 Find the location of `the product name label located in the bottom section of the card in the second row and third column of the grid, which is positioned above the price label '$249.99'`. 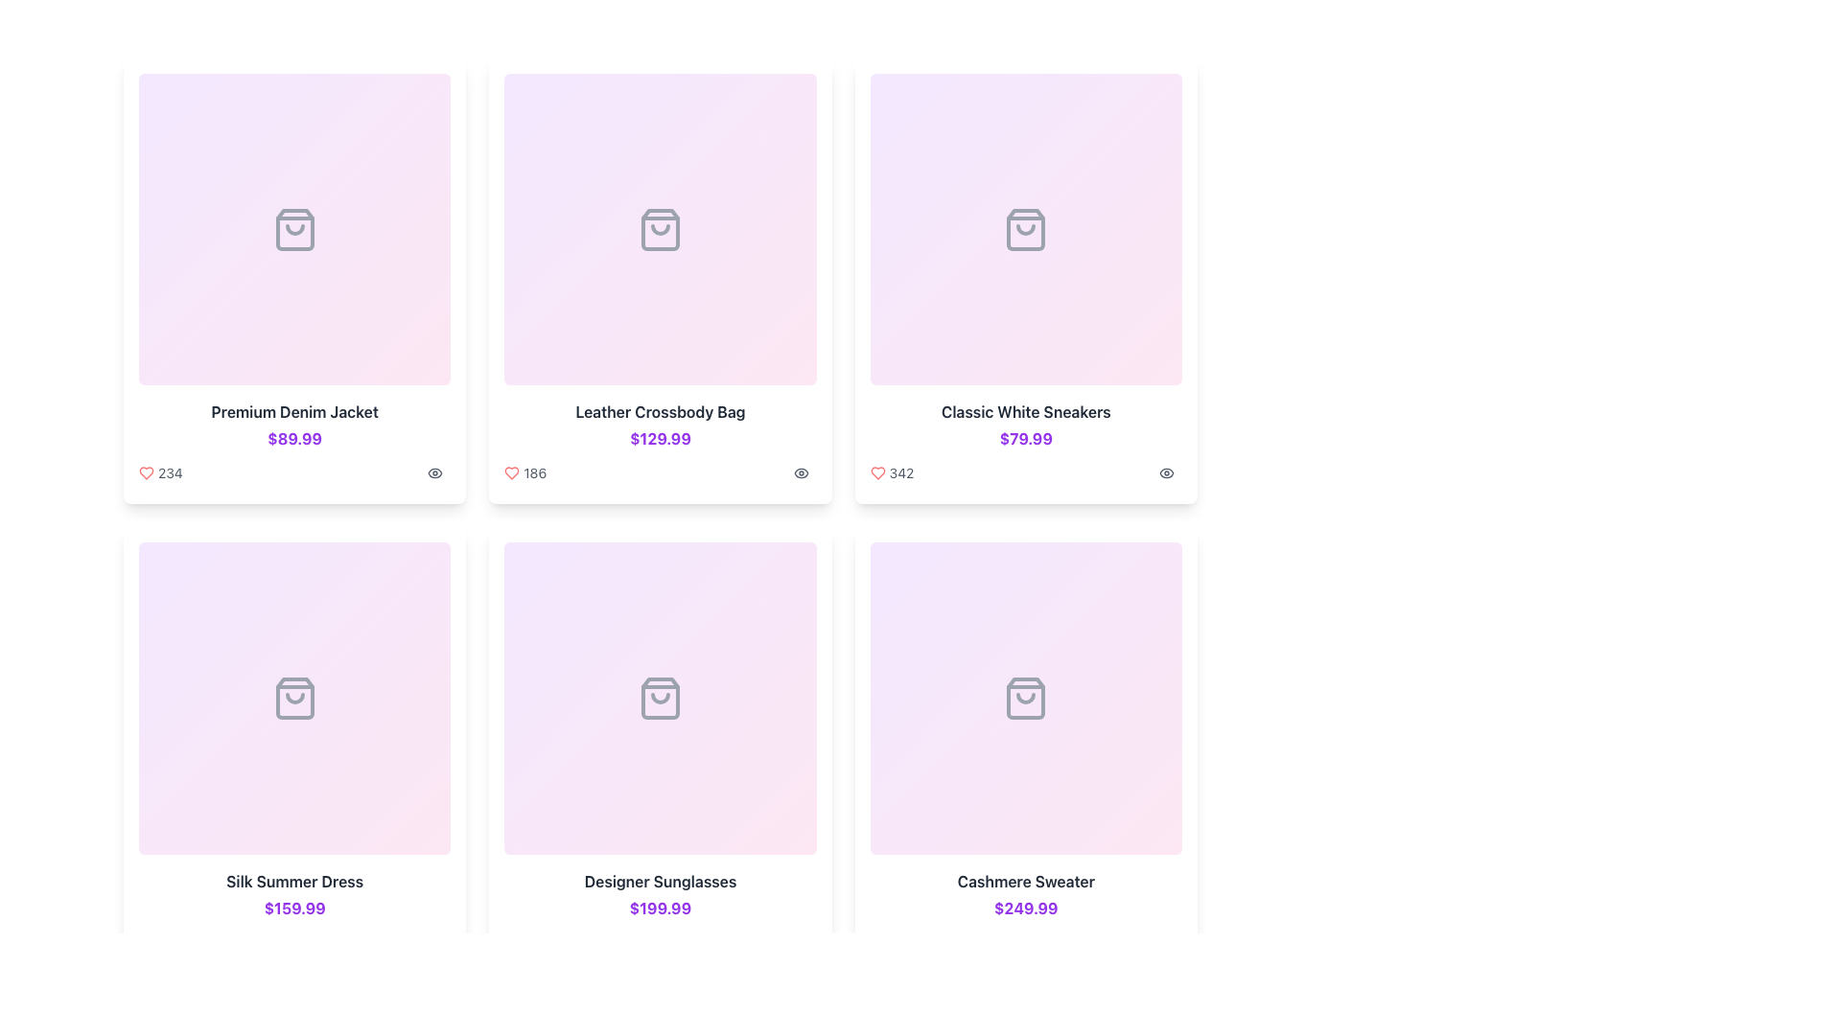

the product name label located in the bottom section of the card in the second row and third column of the grid, which is positioned above the price label '$249.99' is located at coordinates (1025, 881).